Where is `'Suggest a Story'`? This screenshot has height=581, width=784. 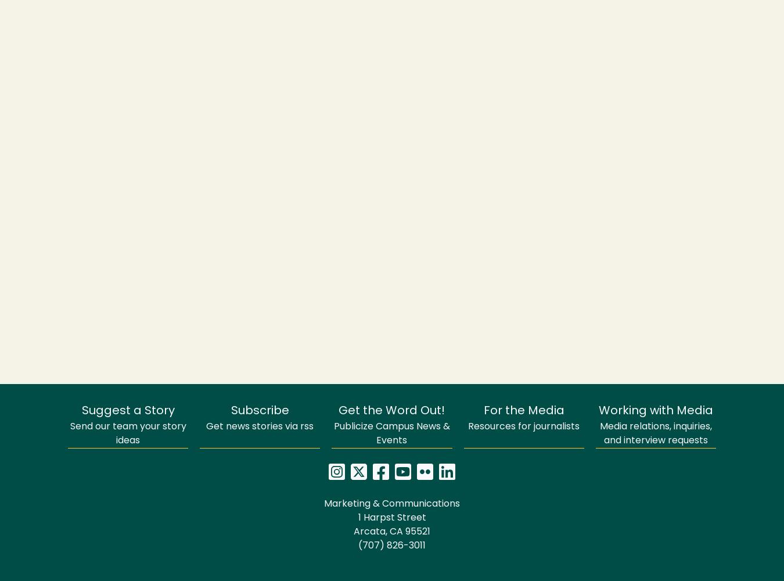 'Suggest a Story' is located at coordinates (128, 411).